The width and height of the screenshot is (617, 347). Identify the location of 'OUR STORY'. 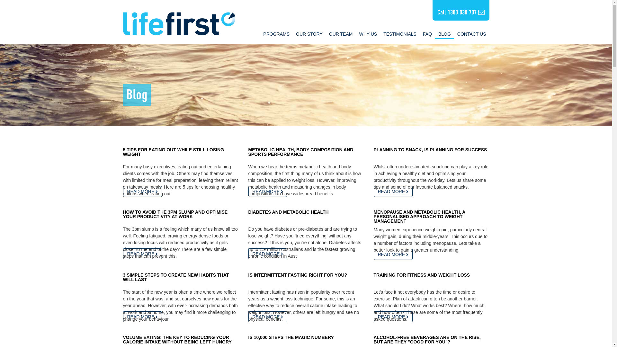
(309, 34).